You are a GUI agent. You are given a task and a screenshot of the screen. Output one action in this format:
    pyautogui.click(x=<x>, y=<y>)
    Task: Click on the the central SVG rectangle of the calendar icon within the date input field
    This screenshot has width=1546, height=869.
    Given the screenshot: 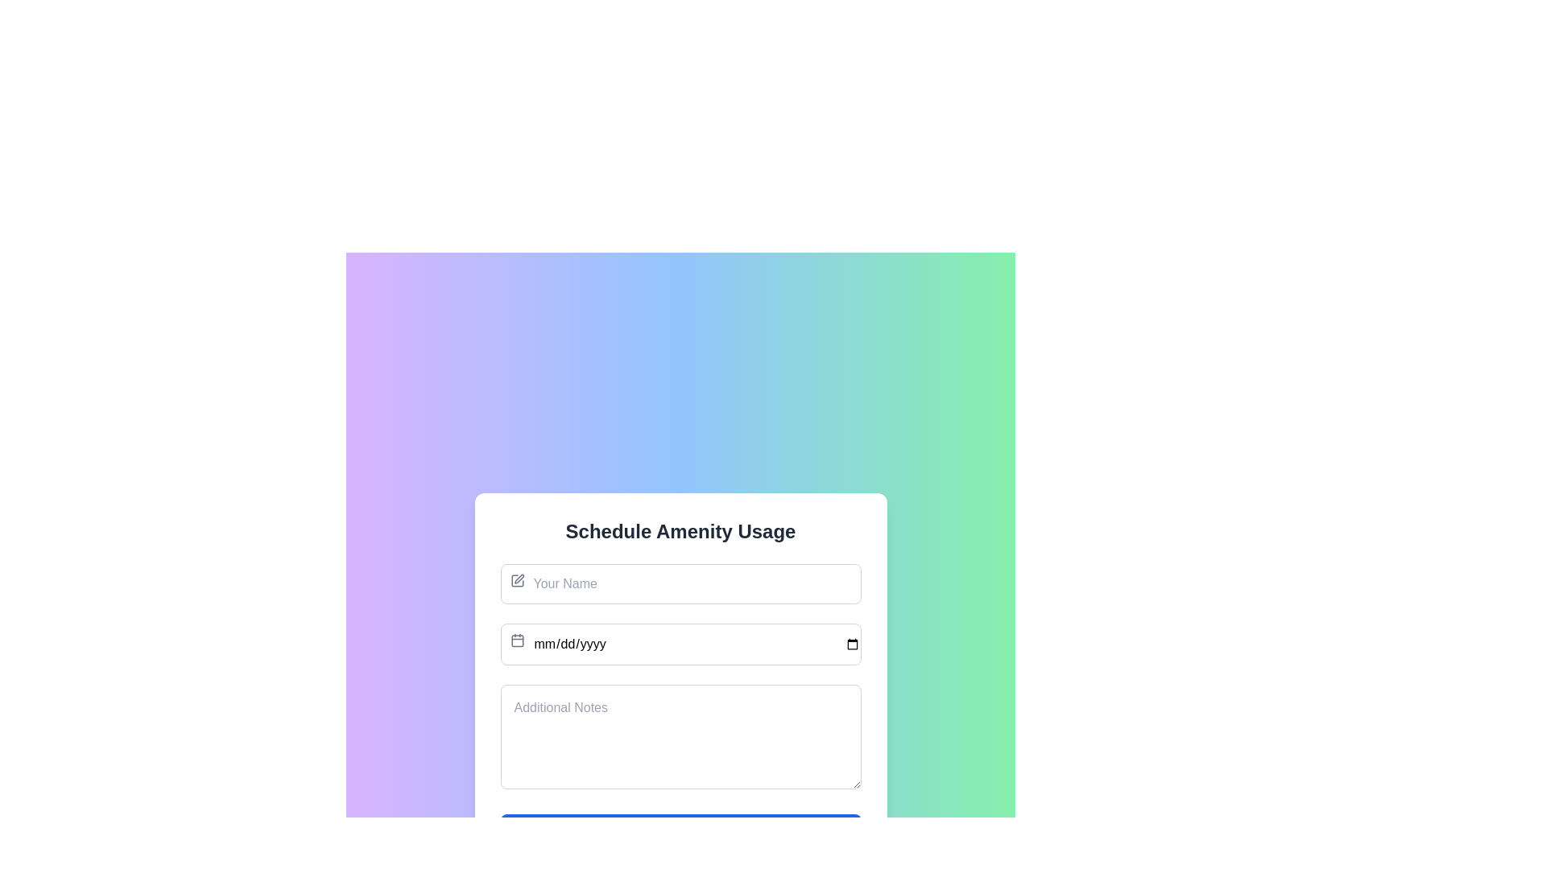 What is the action you would take?
    pyautogui.click(x=517, y=640)
    